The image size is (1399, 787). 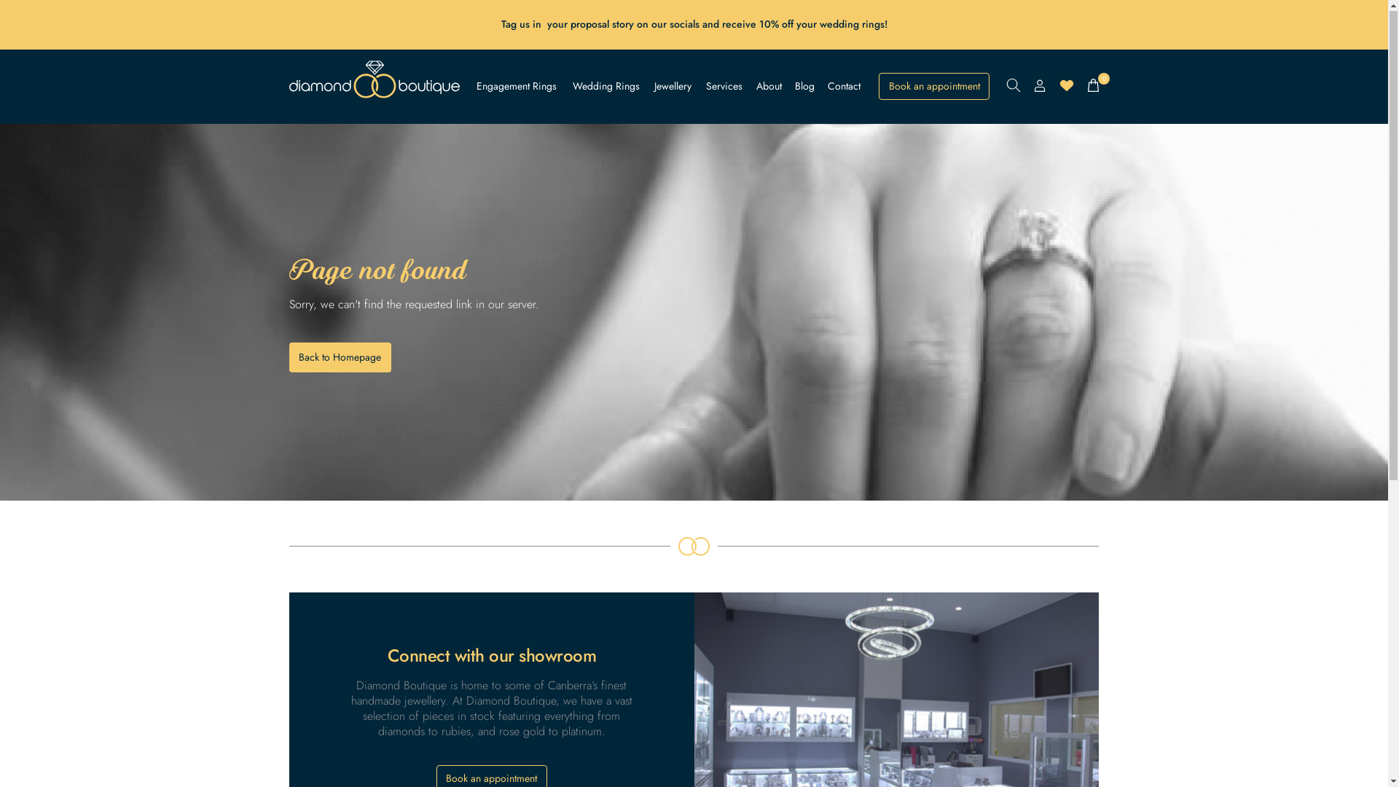 What do you see at coordinates (517, 87) in the screenshot?
I see `'Engagement Rings'` at bounding box center [517, 87].